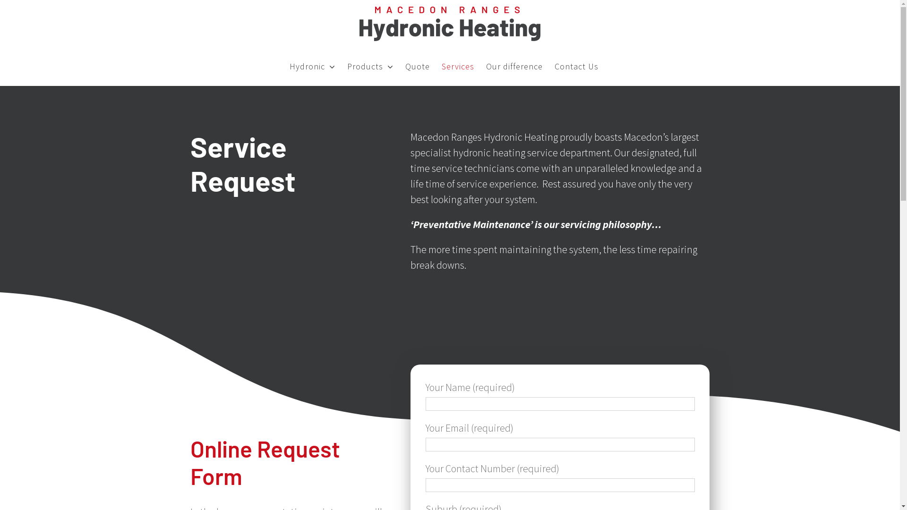 The image size is (907, 510). What do you see at coordinates (369, 66) in the screenshot?
I see `'Products'` at bounding box center [369, 66].